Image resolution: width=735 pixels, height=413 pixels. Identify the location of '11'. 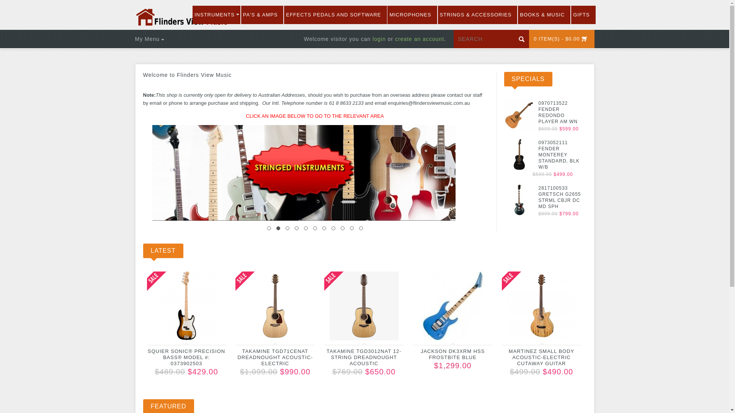
(360, 228).